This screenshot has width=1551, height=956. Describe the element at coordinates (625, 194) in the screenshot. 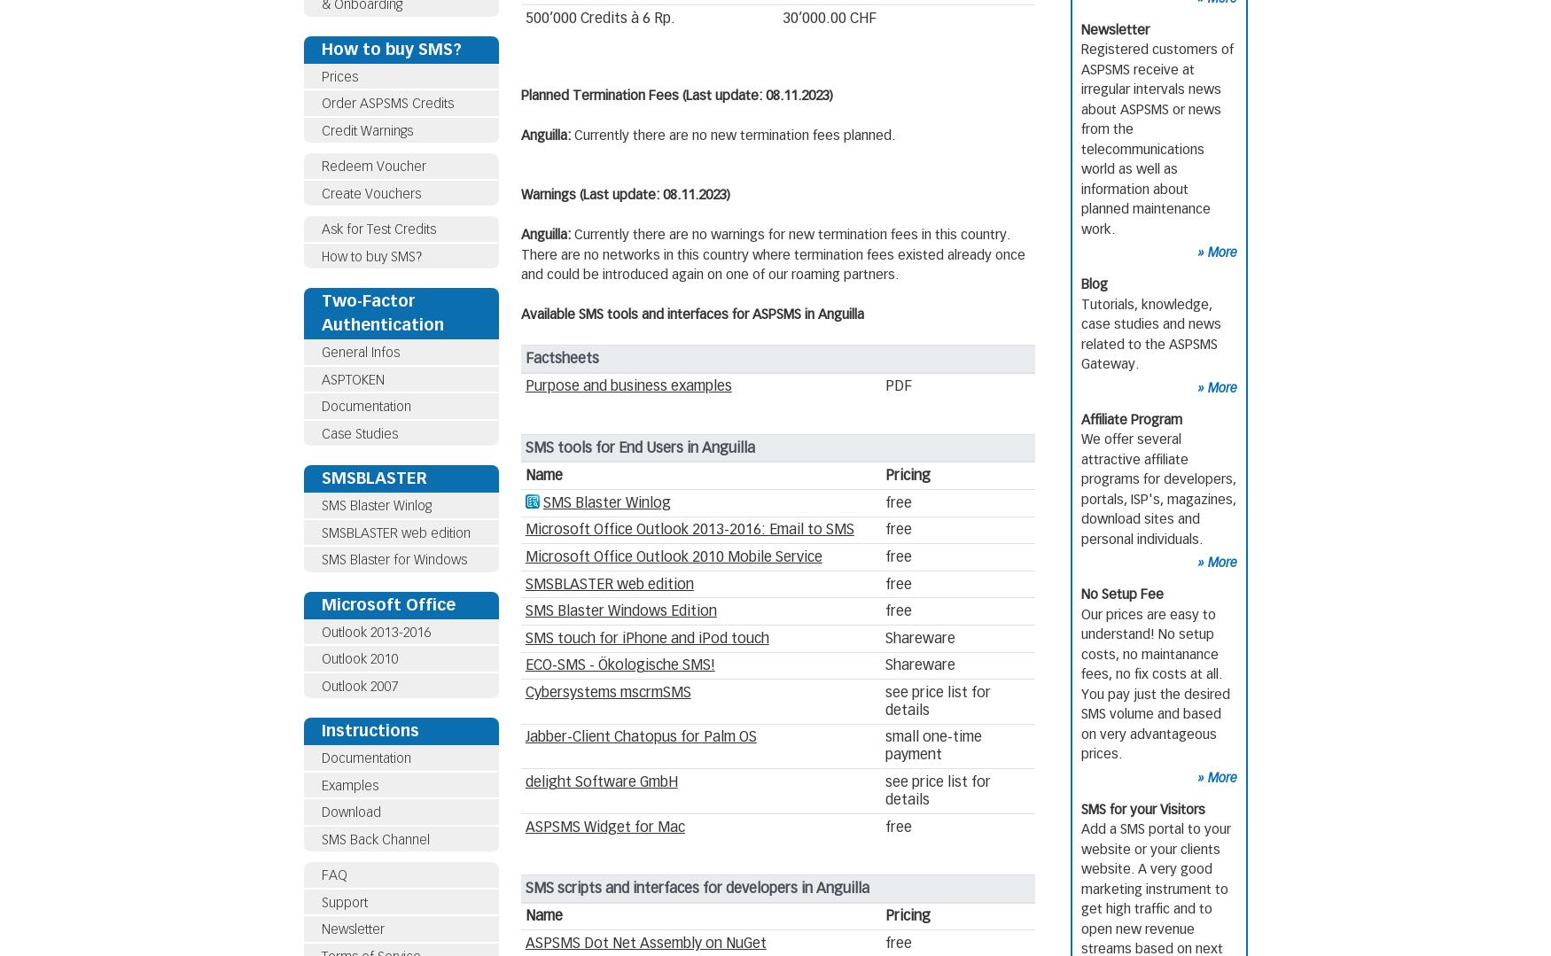

I see `'Warnings (Last update: 08.11.2023)'` at that location.